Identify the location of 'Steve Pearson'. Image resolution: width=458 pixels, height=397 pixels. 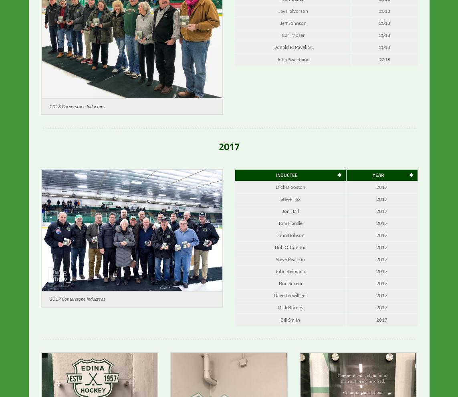
(290, 265).